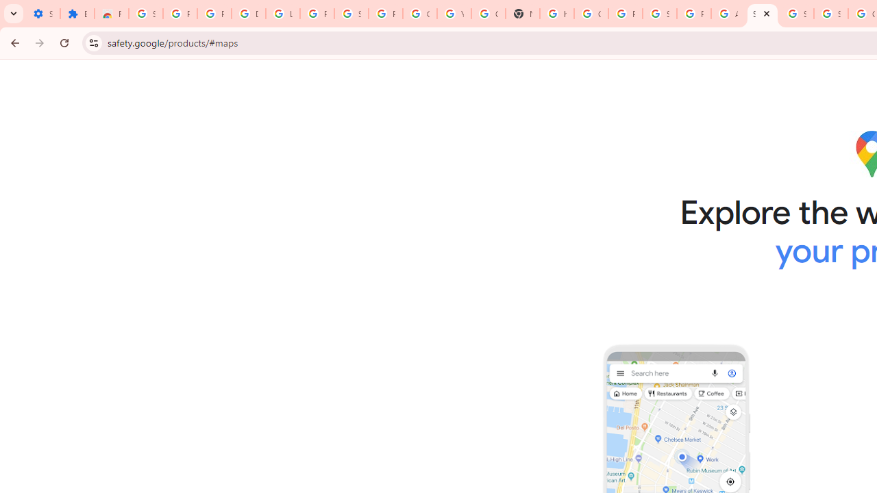 This screenshot has height=493, width=877. Describe the element at coordinates (112, 14) in the screenshot. I see `'Reviews: Helix Fruit Jump Arcade Game'` at that location.